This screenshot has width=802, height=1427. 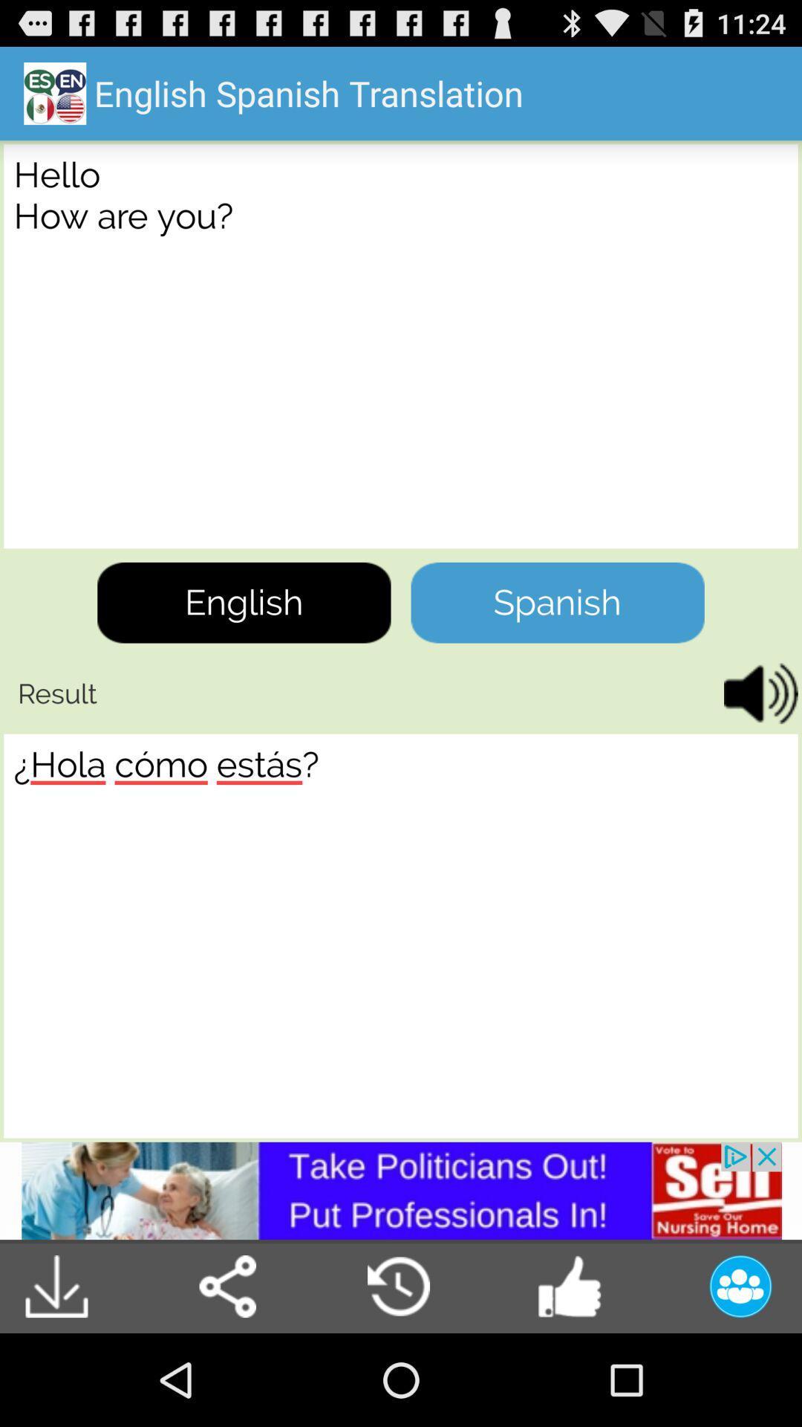 What do you see at coordinates (569, 1286) in the screenshot?
I see `the like option in the bottom` at bounding box center [569, 1286].